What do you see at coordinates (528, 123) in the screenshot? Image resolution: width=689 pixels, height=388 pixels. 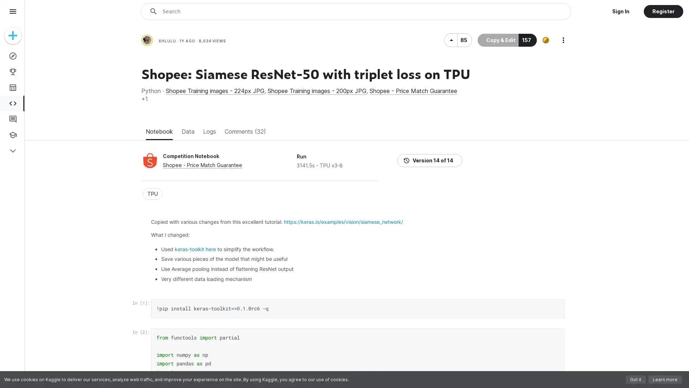 I see `157 copies` at bounding box center [528, 123].